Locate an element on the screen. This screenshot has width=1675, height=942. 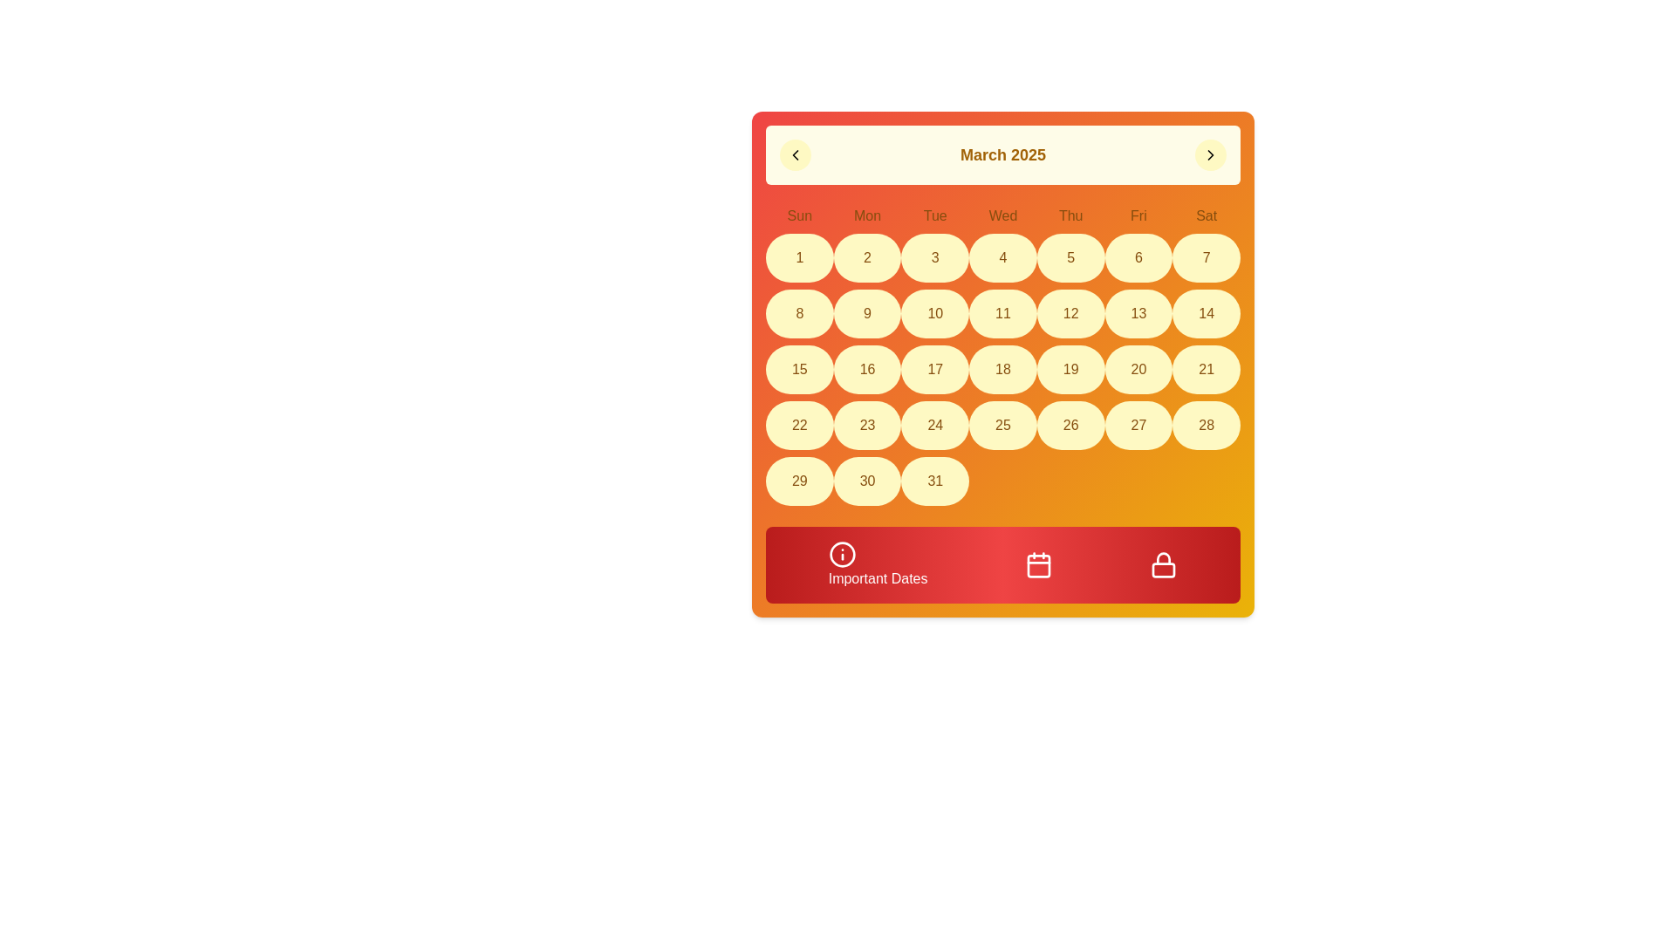
the text label displaying 'Sun' in yellow color, located at the top-left corner of the calendar grid header row is located at coordinates (798, 215).